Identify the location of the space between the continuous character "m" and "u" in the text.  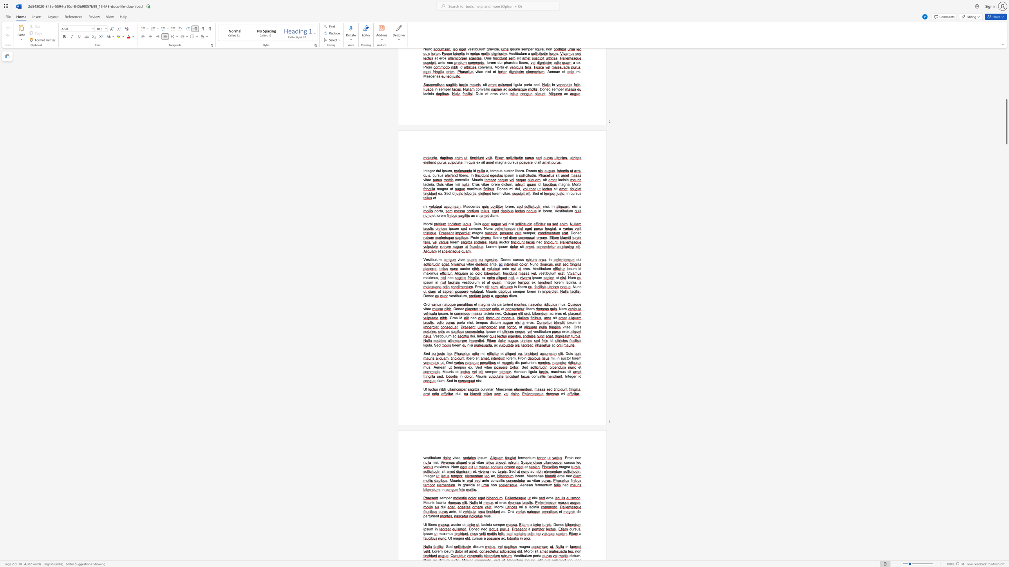
(426, 367).